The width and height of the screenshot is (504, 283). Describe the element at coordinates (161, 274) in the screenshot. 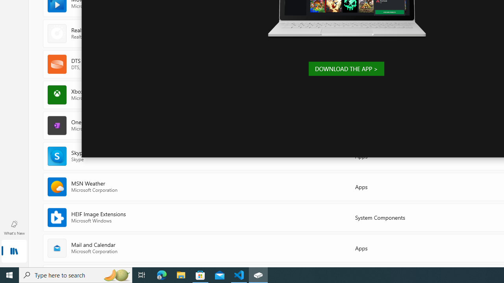

I see `'Microsoft Edge'` at that location.